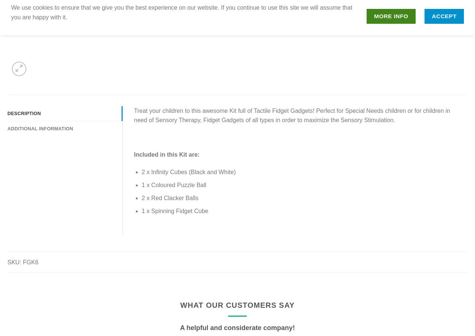 This screenshot has height=336, width=475. What do you see at coordinates (173, 185) in the screenshot?
I see `'1 x Coloured Puzzle Ball'` at bounding box center [173, 185].